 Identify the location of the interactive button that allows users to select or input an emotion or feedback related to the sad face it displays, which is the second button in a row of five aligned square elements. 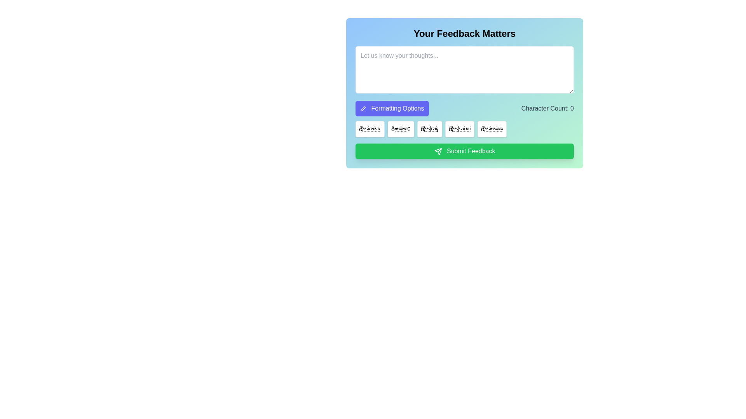
(401, 128).